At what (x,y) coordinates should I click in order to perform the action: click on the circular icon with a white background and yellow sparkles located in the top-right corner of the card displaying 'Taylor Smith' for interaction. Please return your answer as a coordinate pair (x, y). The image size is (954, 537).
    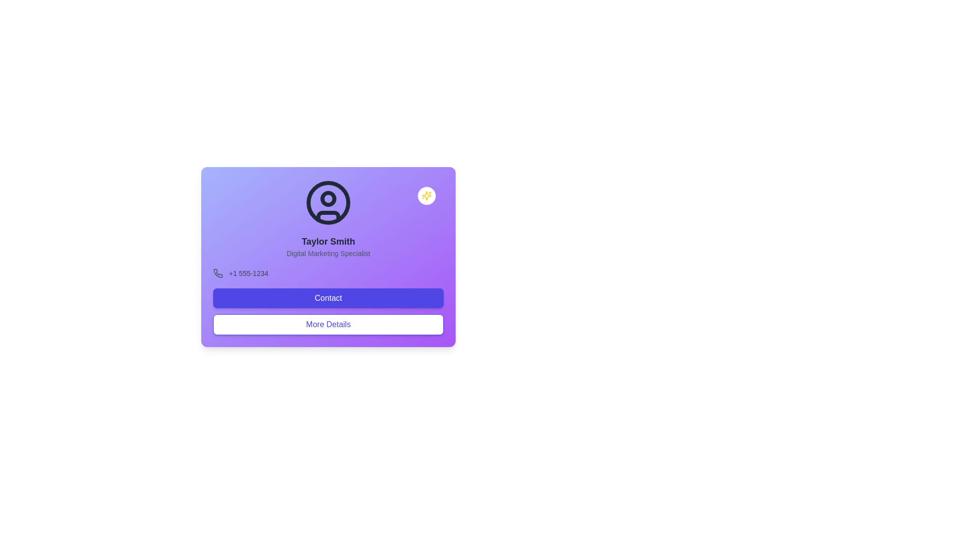
    Looking at the image, I should click on (427, 195).